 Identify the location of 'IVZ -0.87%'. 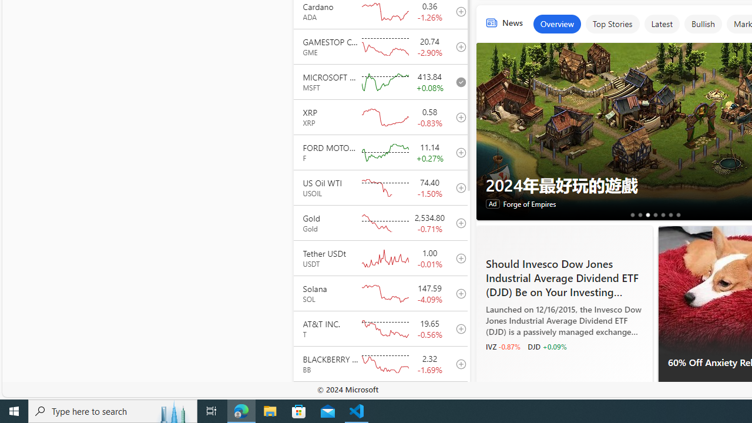
(502, 346).